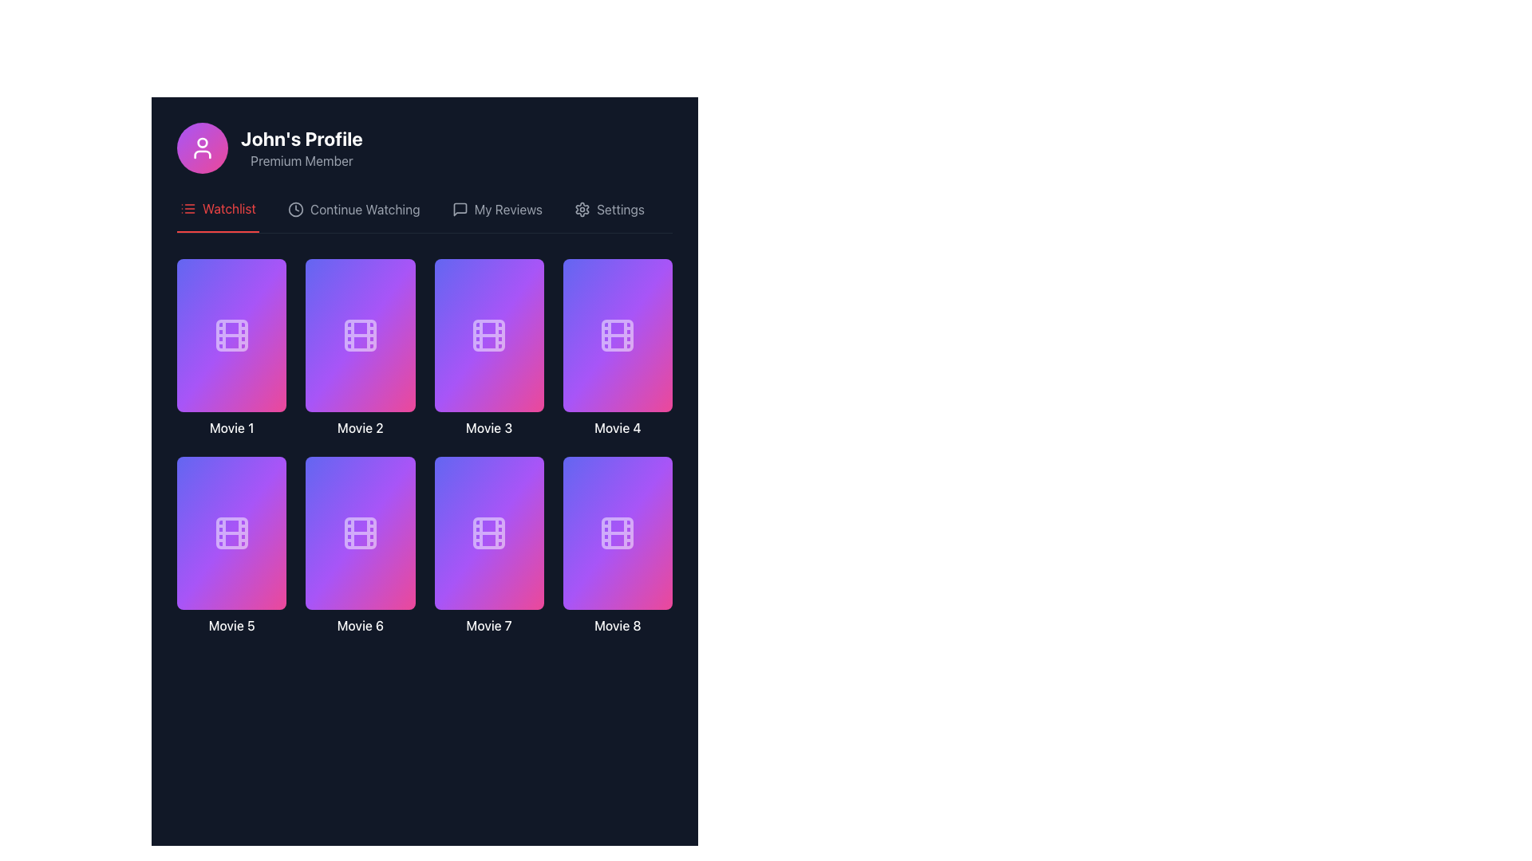  I want to click on the speech bubble icon with a gray outline located in the navigation bar, so click(459, 208).